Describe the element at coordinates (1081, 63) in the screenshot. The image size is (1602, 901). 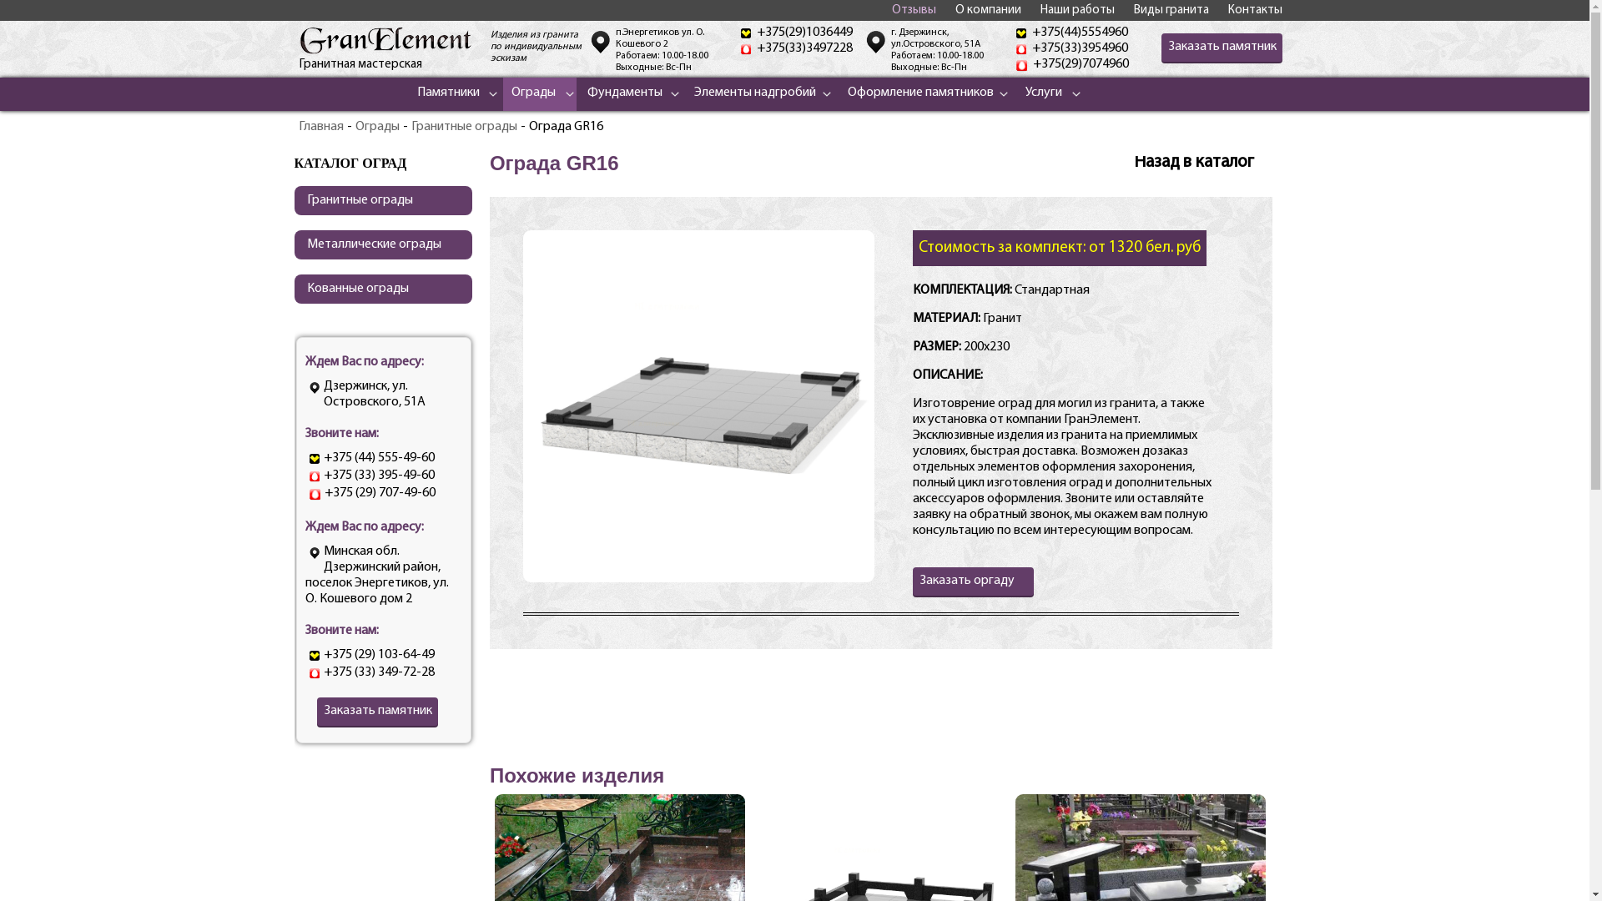
I see `'+375(29)7074960'` at that location.